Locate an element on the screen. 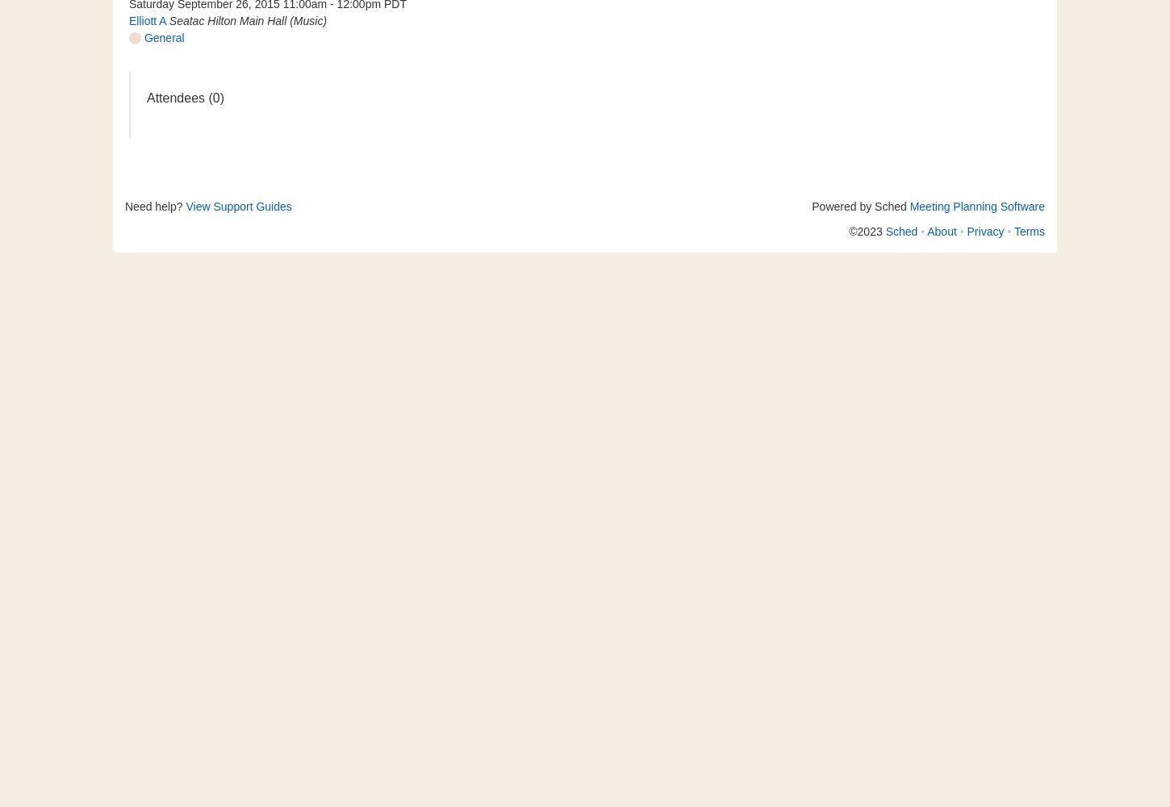 This screenshot has width=1170, height=807. 'View Support Guides' is located at coordinates (238, 207).